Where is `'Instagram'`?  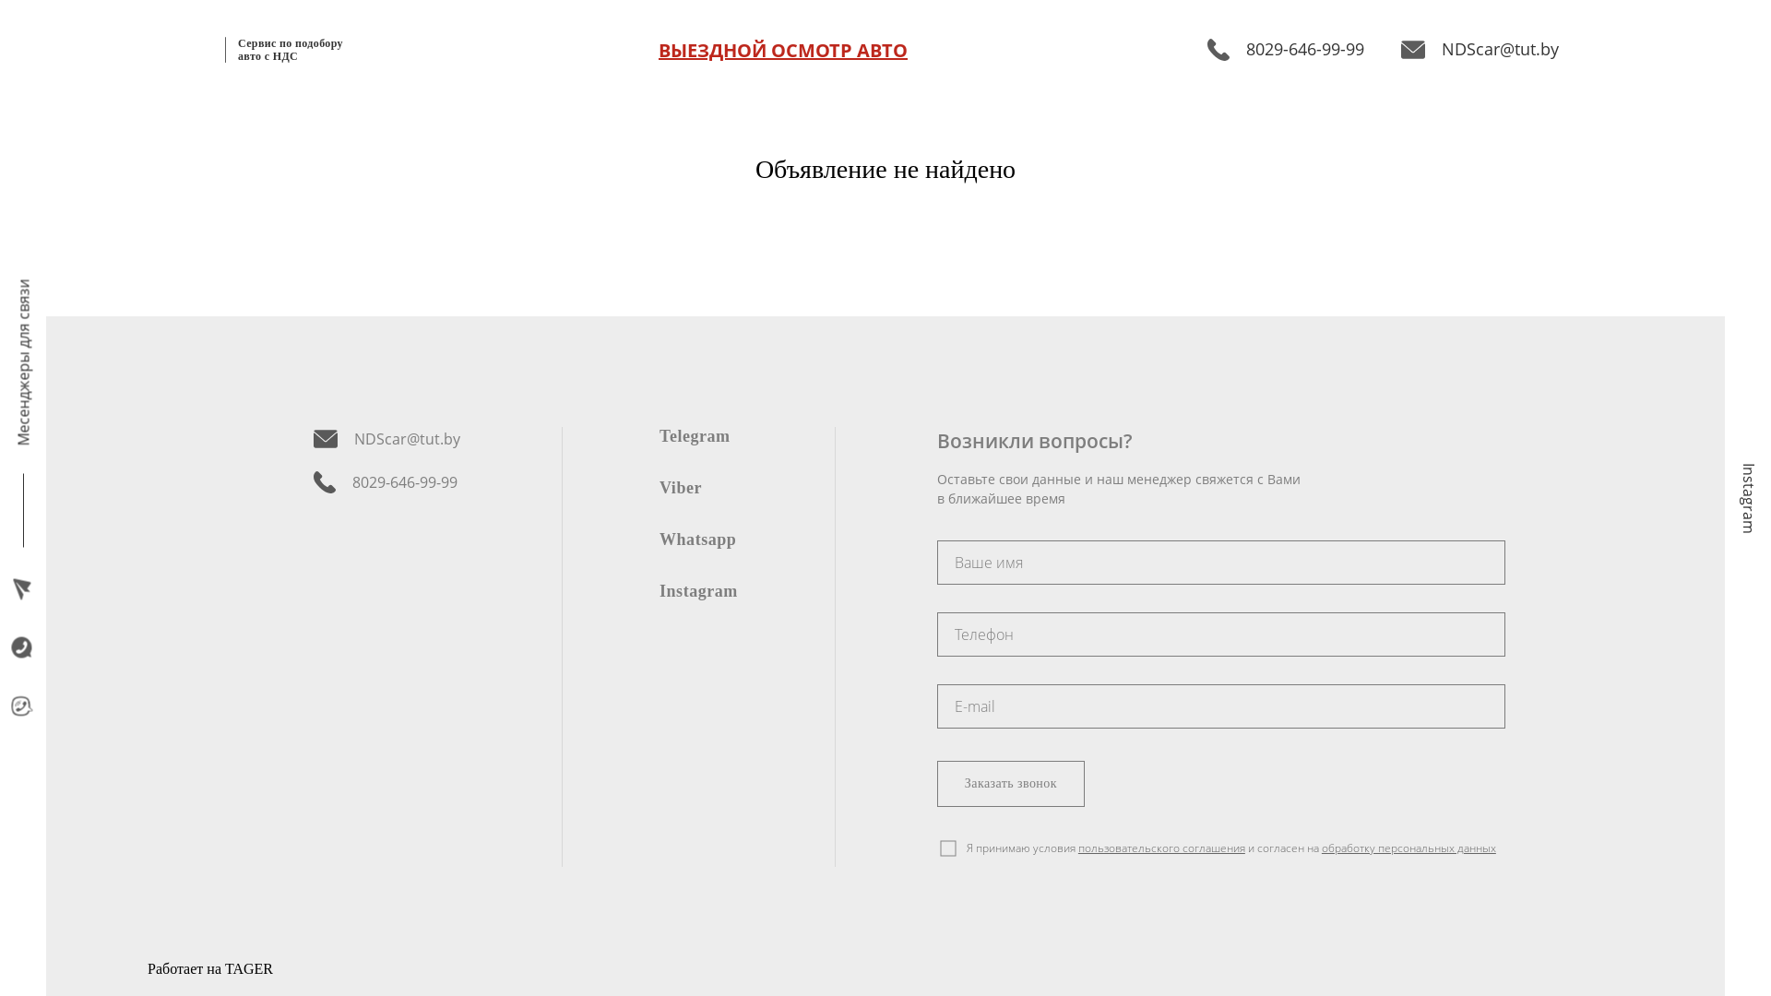
'Instagram' is located at coordinates (660, 590).